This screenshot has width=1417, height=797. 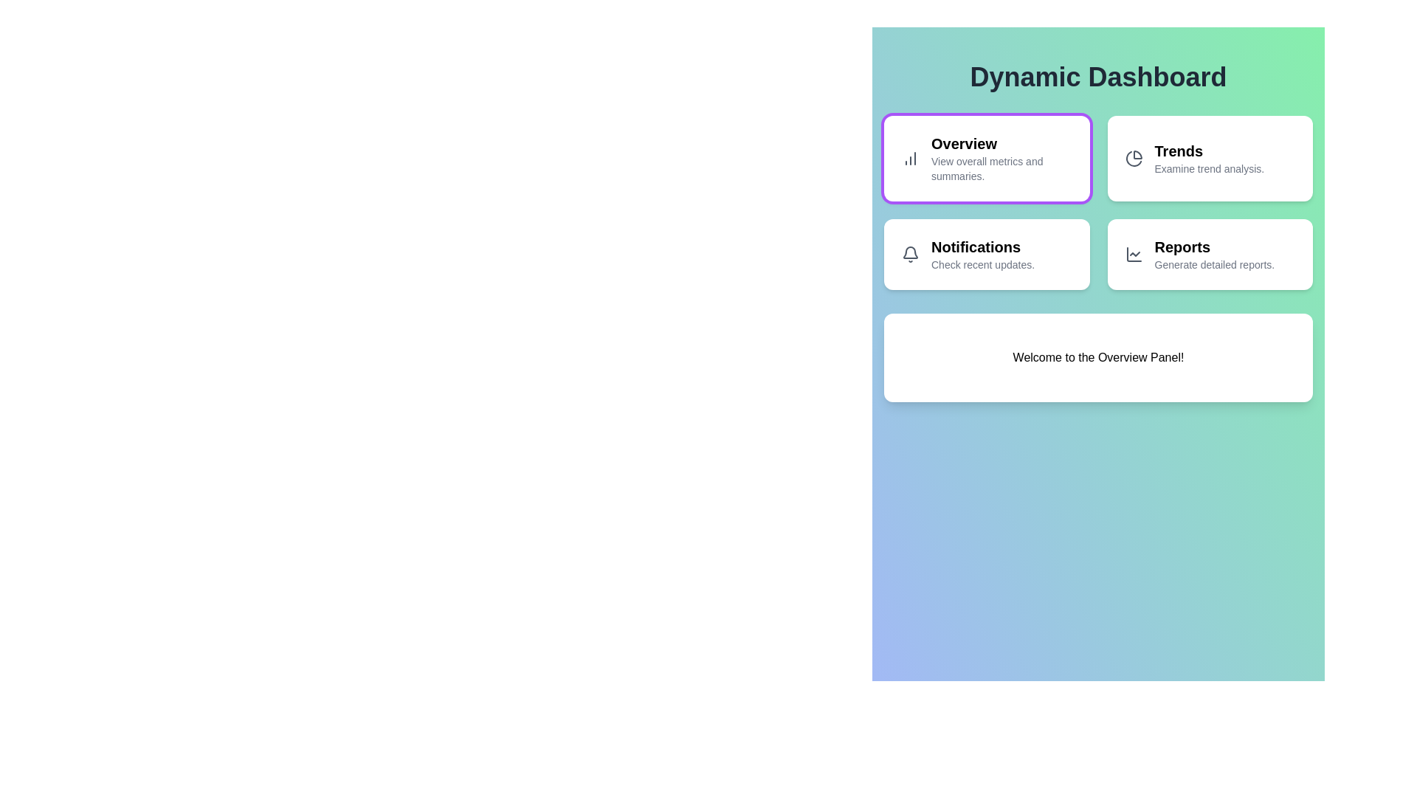 I want to click on the Overview panel by clicking its button, so click(x=987, y=159).